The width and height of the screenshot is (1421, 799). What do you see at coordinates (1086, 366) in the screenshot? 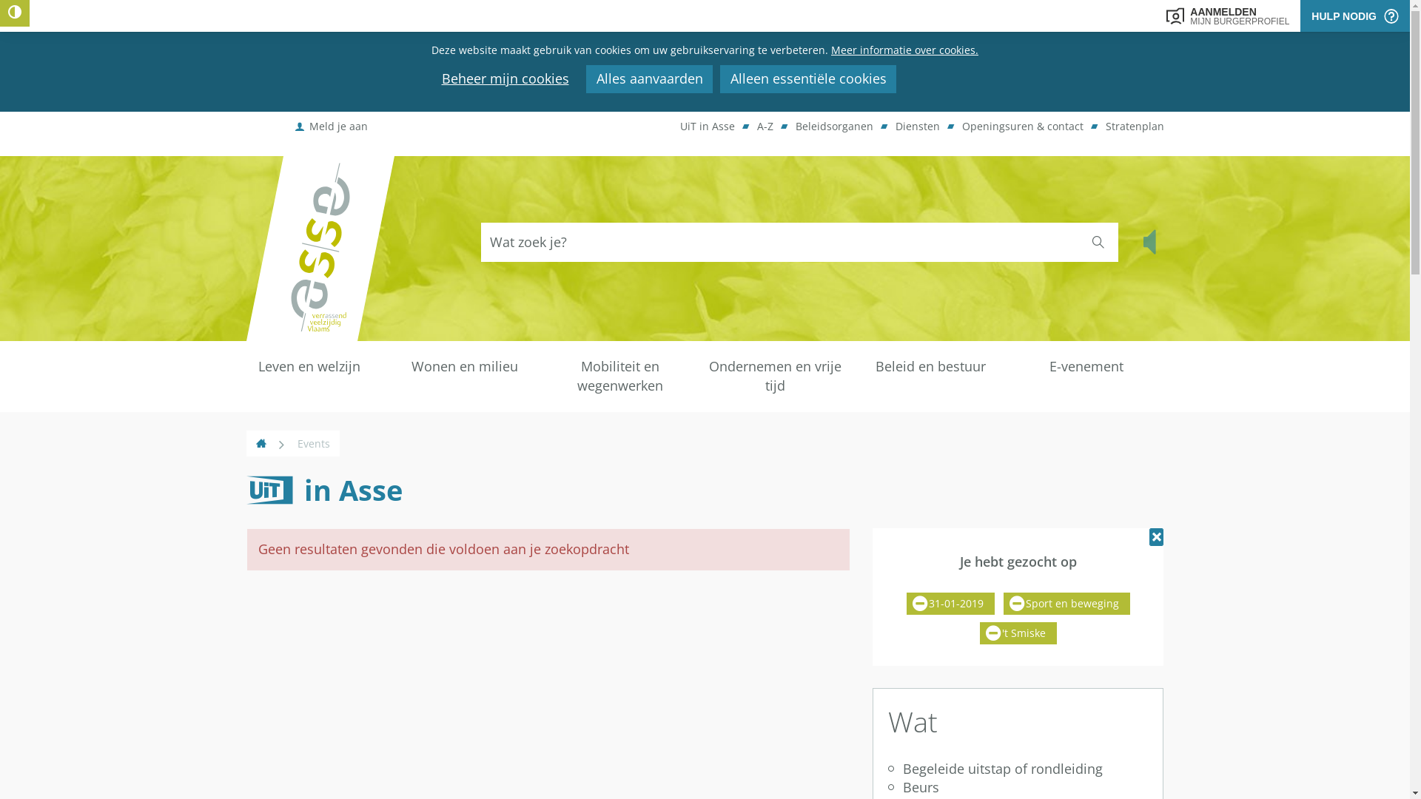
I see `'E-venement'` at bounding box center [1086, 366].